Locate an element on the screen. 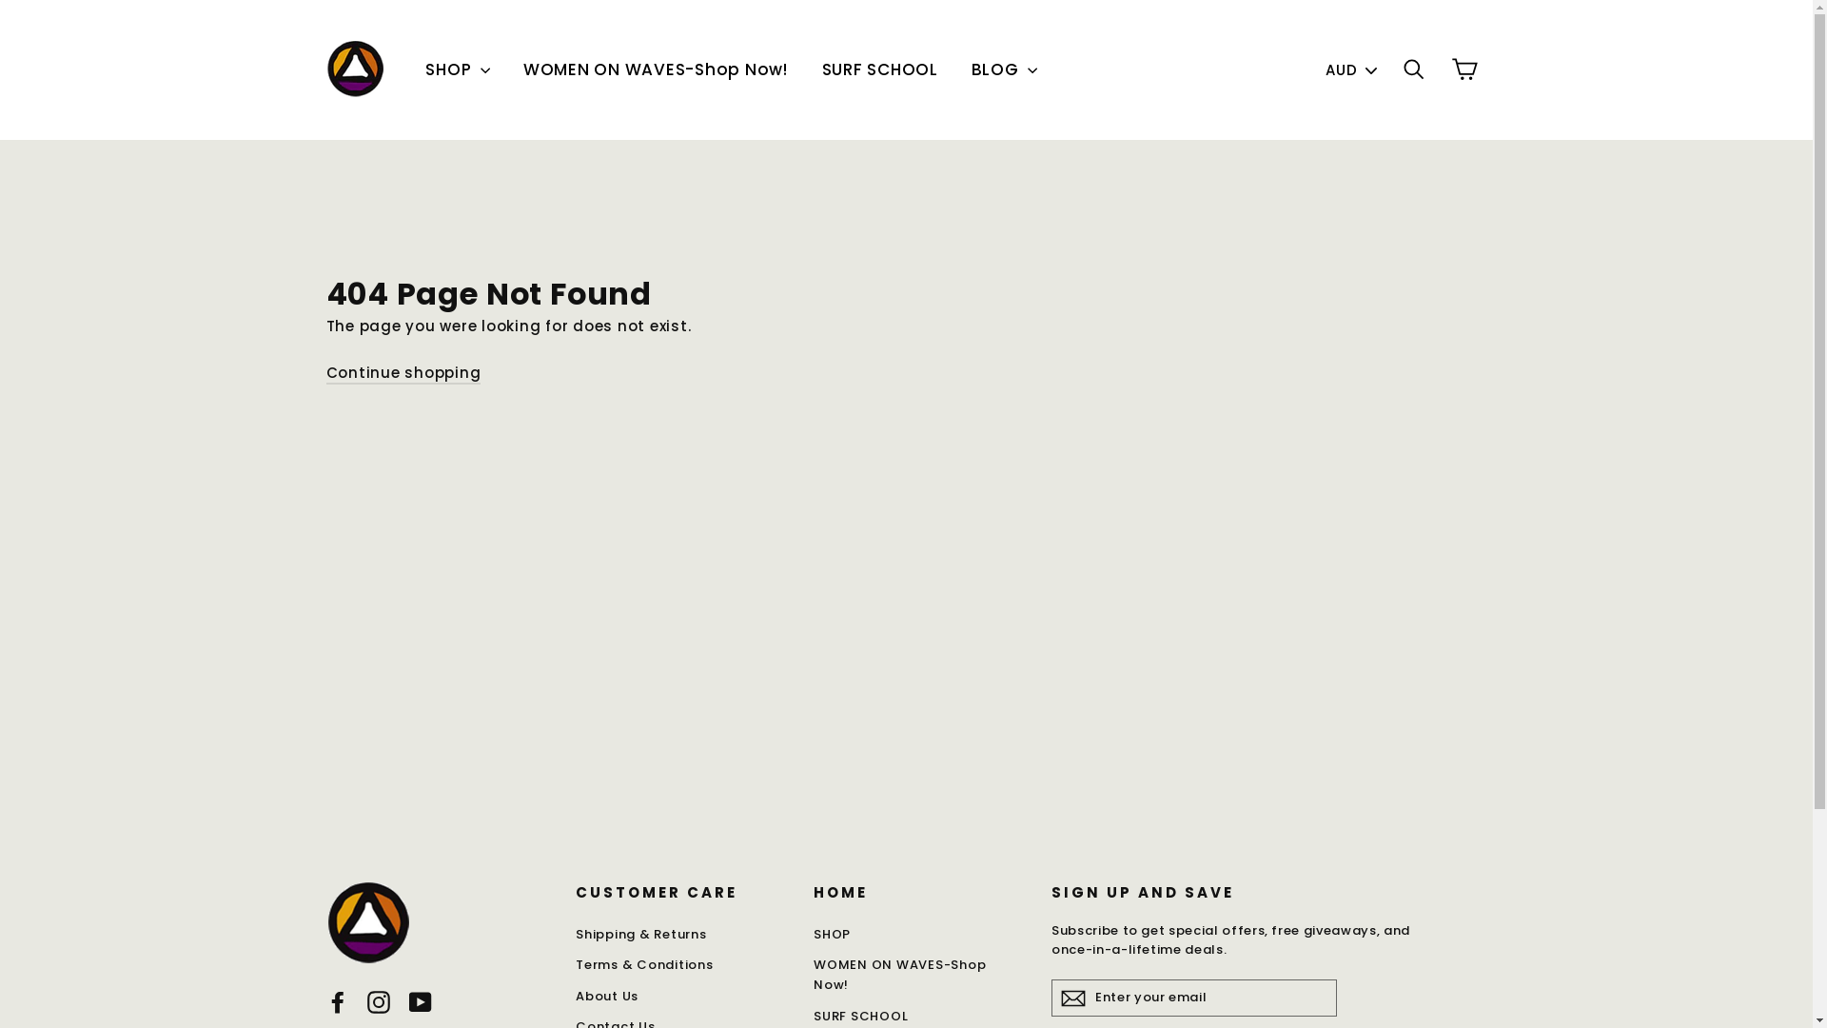 Image resolution: width=1827 pixels, height=1028 pixels. 'Shipping & Returns' is located at coordinates (680, 934).